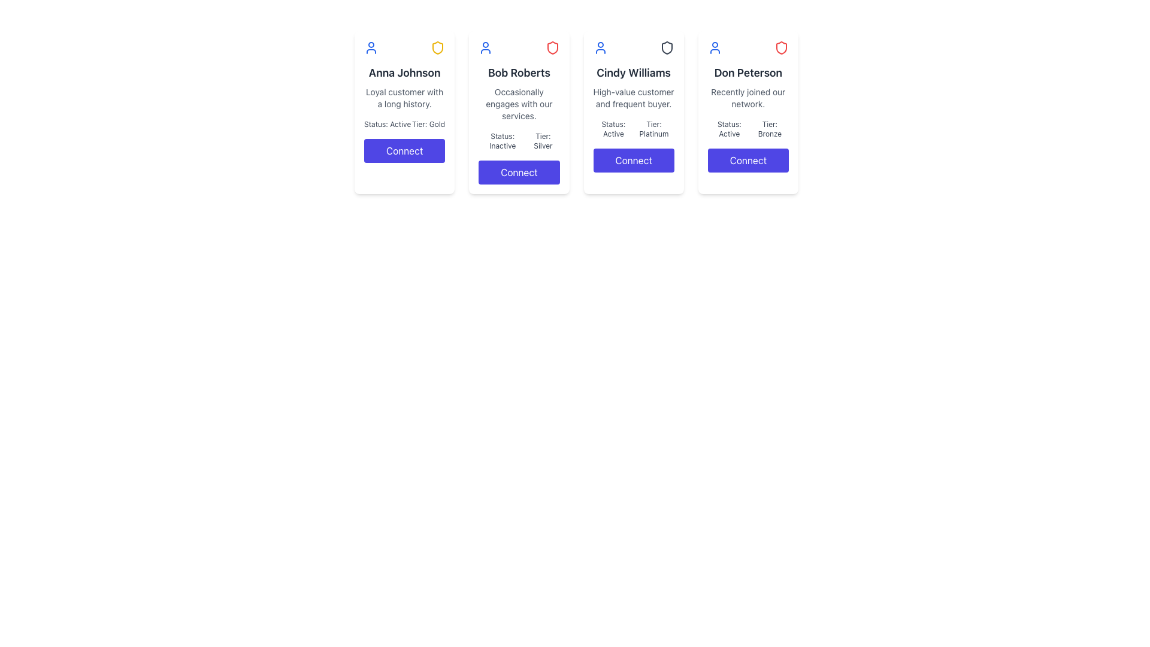 Image resolution: width=1150 pixels, height=647 pixels. What do you see at coordinates (666, 47) in the screenshot?
I see `the status marker icon located in the top right corner of Cindy Williams' user card, which signifies security and trustworthiness` at bounding box center [666, 47].